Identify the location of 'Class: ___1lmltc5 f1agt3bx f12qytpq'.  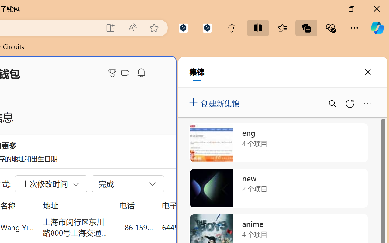
(125, 73).